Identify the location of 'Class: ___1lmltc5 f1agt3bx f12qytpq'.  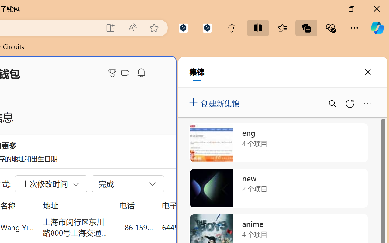
(125, 73).